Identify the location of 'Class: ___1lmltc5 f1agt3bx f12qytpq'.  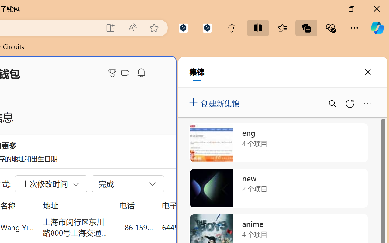
(125, 73).